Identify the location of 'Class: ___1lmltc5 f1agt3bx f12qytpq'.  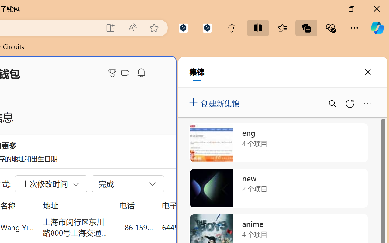
(125, 73).